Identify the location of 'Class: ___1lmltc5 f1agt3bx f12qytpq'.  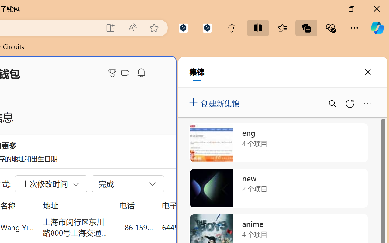
(125, 73).